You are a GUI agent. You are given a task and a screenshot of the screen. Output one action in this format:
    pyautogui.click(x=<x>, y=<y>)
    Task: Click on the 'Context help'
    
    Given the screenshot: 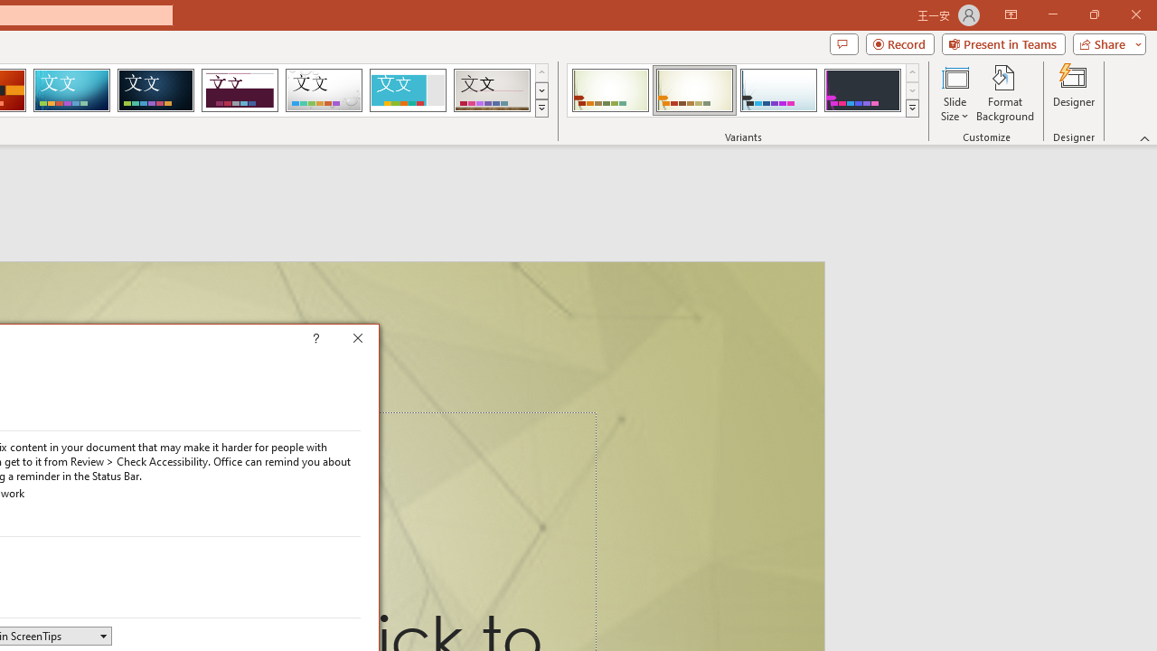 What is the action you would take?
    pyautogui.click(x=342, y=340)
    